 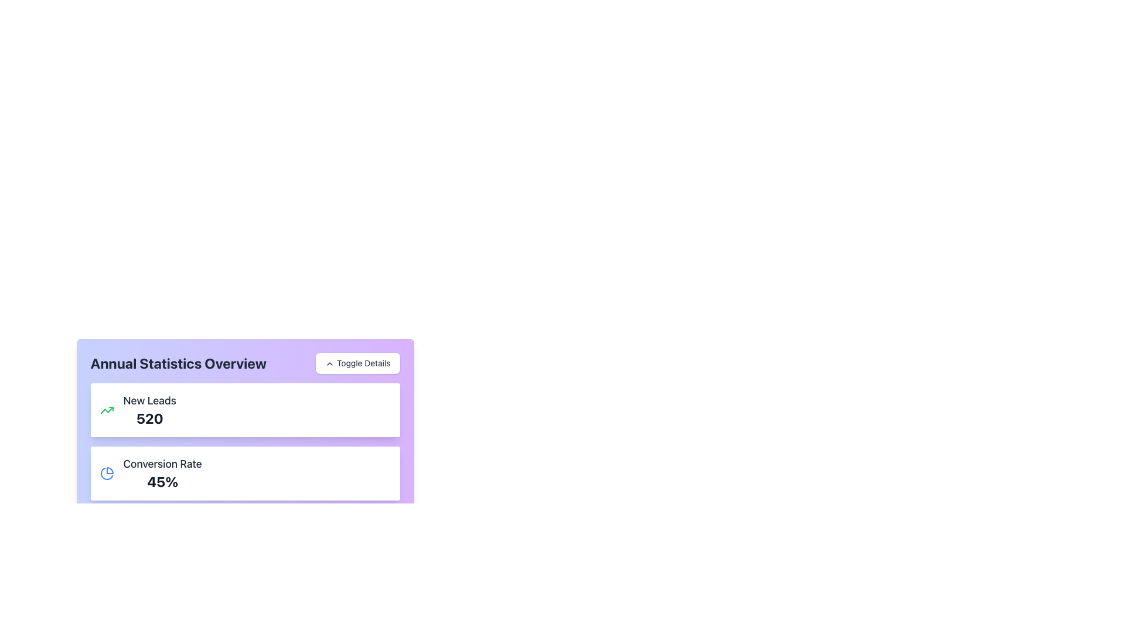 What do you see at coordinates (149, 417) in the screenshot?
I see `the bold, large-sized number '520' displayed in dark gray font on a white background, located within the 'New Leads' card under 'Annual Statistics Overview'` at bounding box center [149, 417].